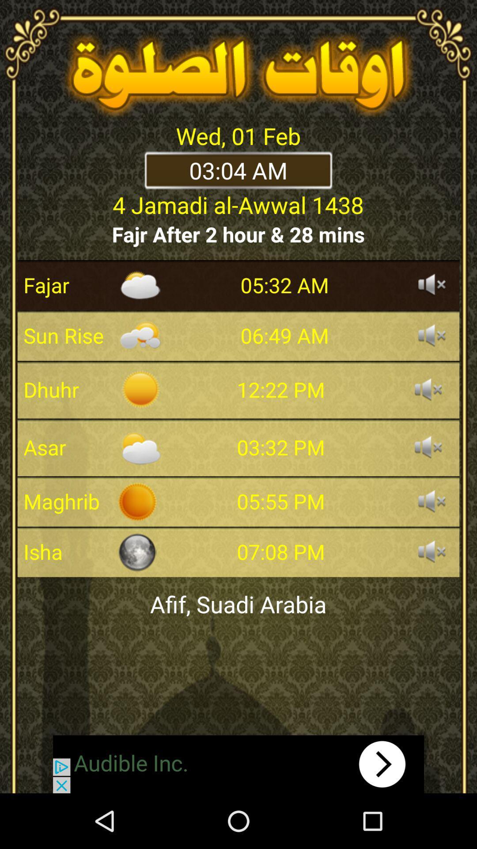  What do you see at coordinates (432, 335) in the screenshot?
I see `turn on audio` at bounding box center [432, 335].